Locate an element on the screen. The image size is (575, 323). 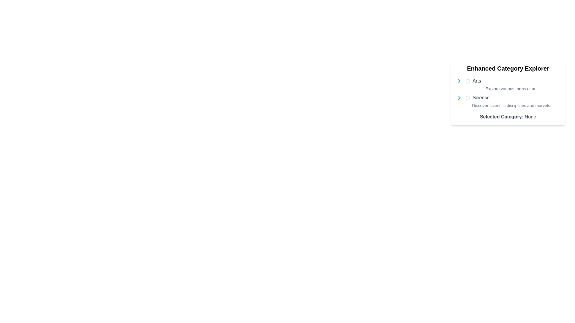
the Text section containing the categories 'Arts' and 'Science' with descriptions underneath, located within the 'Enhanced Category Explorer' card is located at coordinates (508, 93).